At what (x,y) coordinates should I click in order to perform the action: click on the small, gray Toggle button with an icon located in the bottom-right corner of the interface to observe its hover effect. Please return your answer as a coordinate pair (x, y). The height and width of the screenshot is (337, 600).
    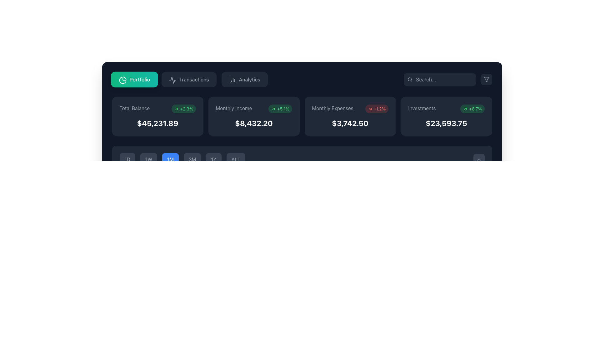
    Looking at the image, I should click on (478, 159).